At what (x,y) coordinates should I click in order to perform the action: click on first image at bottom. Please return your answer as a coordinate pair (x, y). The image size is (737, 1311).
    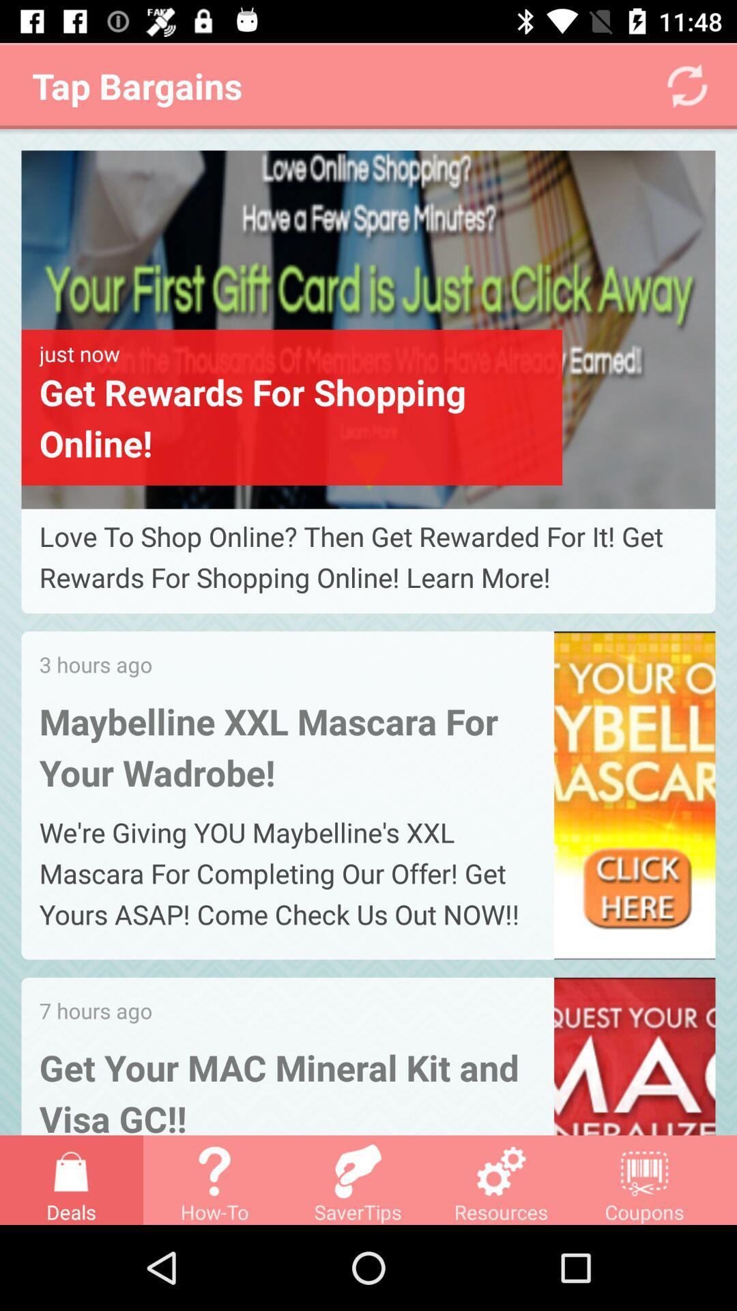
    Looking at the image, I should click on (369, 330).